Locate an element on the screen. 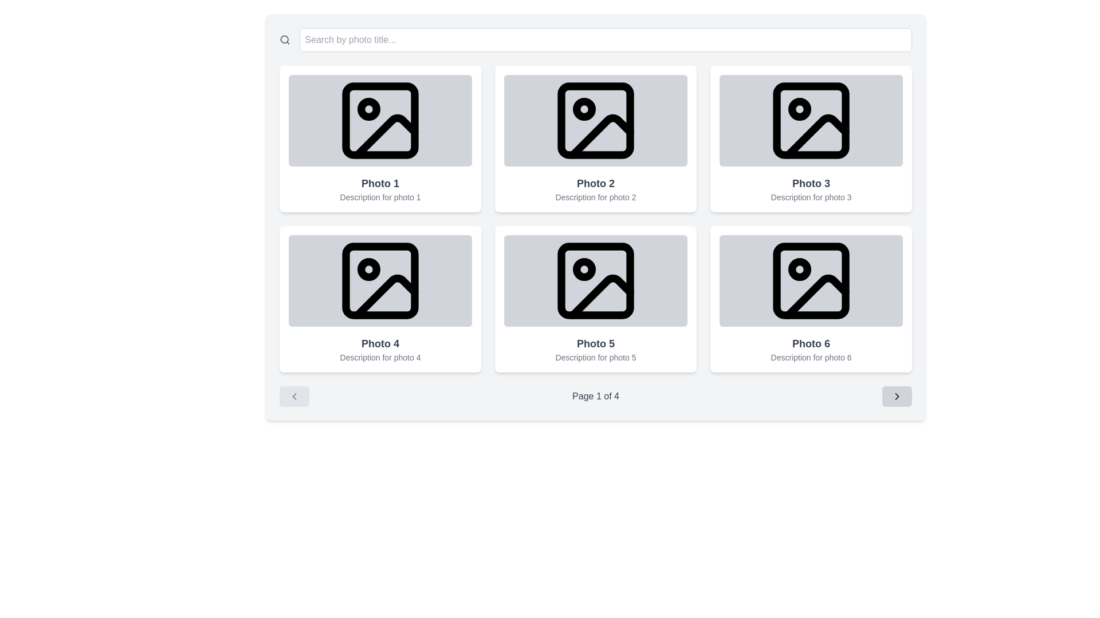  the details (title and description) of the Card element showcasing 'Photo 5' in the middle column of the second row of the grid layout is located at coordinates (596, 299).